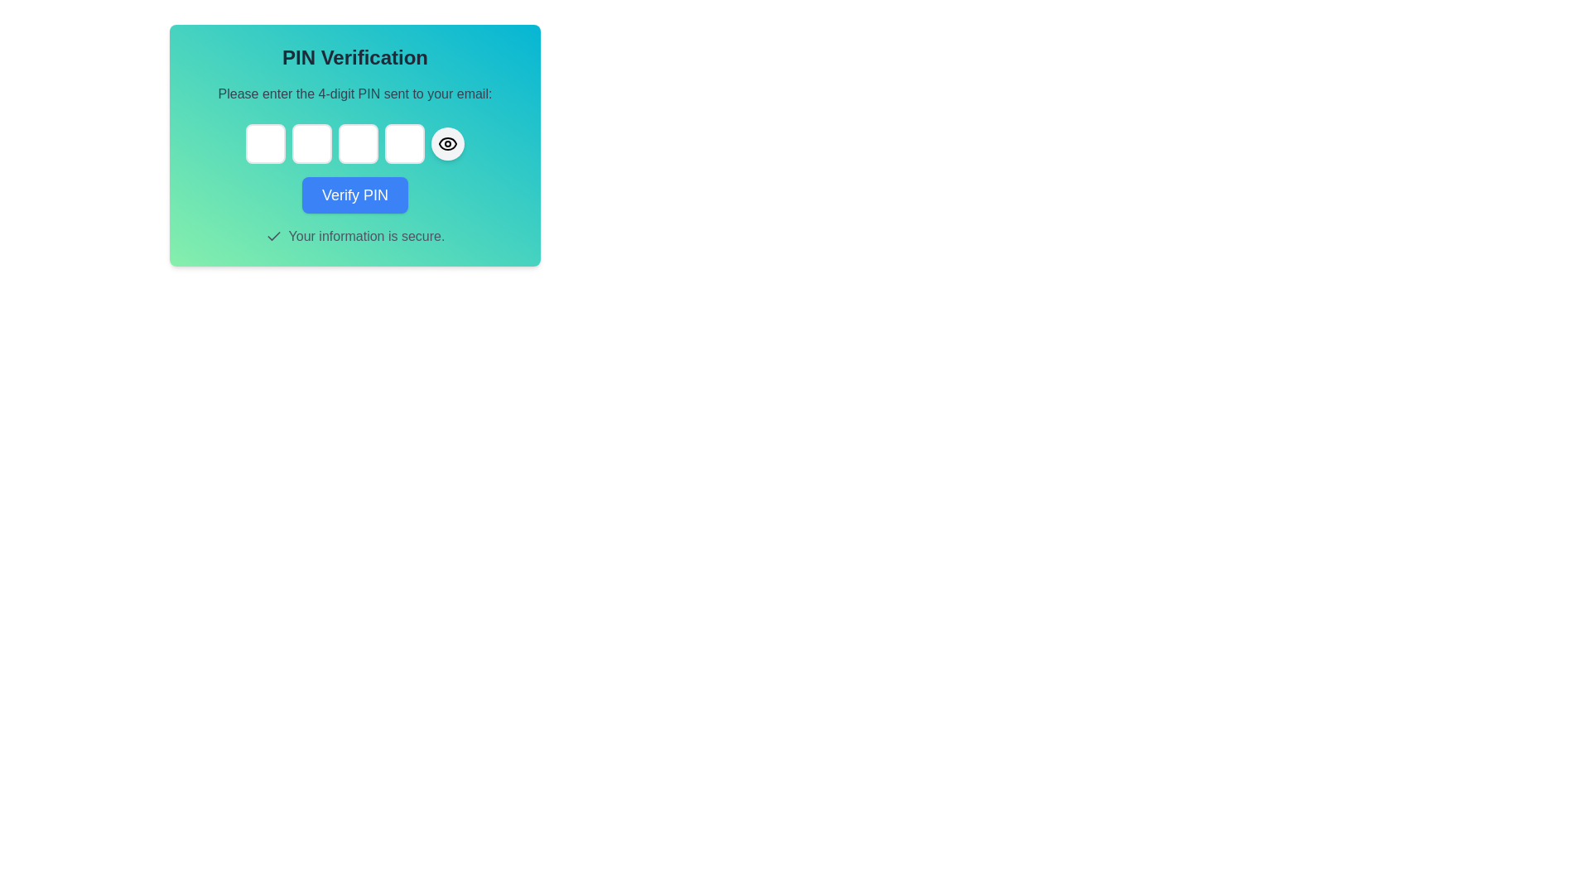 The height and width of the screenshot is (894, 1590). Describe the element at coordinates (448, 142) in the screenshot. I see `the circular eye icon button` at that location.